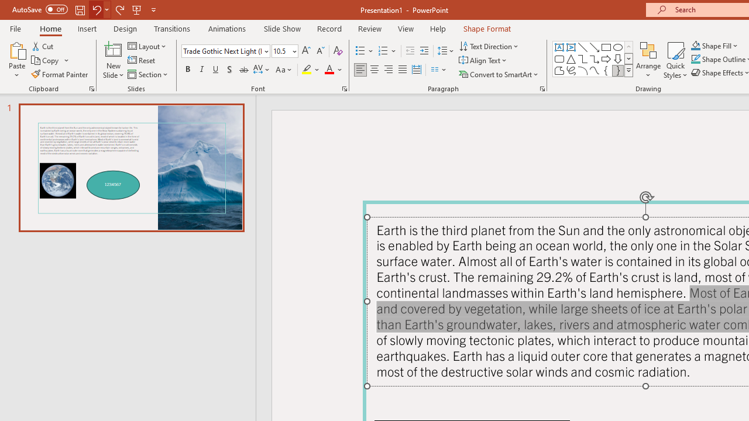  I want to click on 'Shape Outline Teal, Accent 1', so click(696, 59).